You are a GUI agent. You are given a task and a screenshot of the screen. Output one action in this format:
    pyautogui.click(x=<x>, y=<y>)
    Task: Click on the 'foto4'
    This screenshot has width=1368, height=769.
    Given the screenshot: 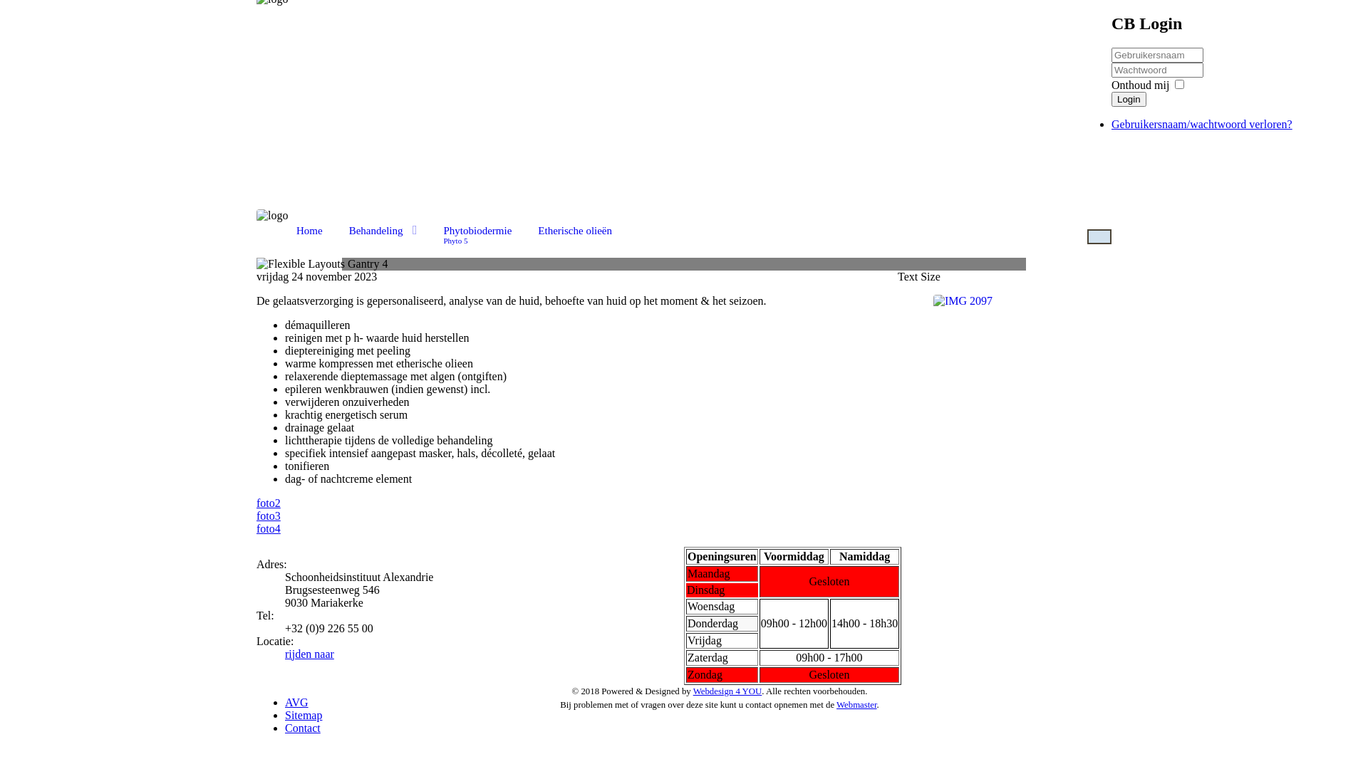 What is the action you would take?
    pyautogui.click(x=256, y=528)
    